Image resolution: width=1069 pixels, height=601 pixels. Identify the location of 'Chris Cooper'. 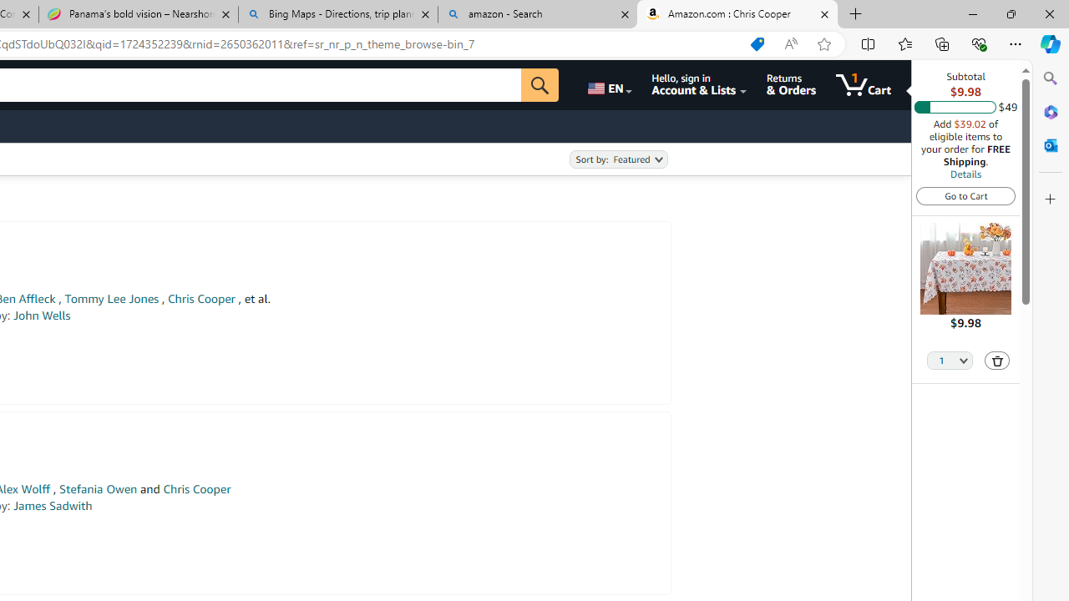
(196, 488).